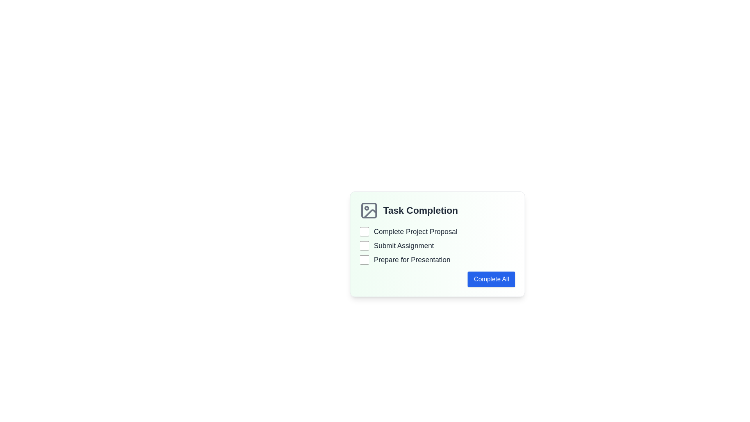 The image size is (750, 422). Describe the element at coordinates (437, 245) in the screenshot. I see `the checkbox for the second task item 'Submit Assignment'` at that location.